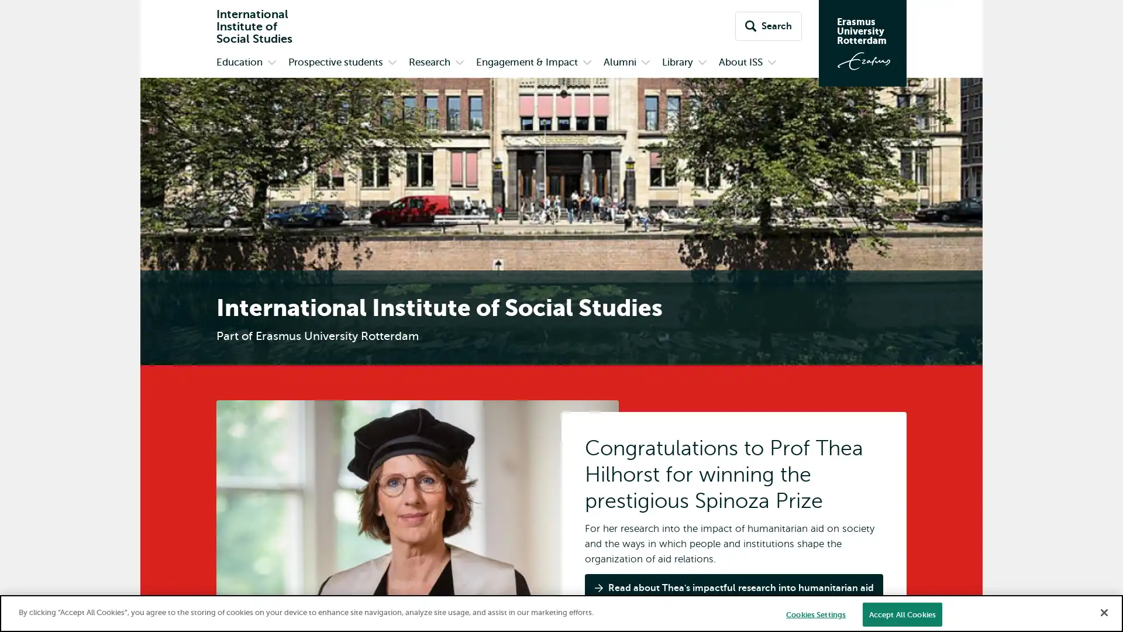 The height and width of the screenshot is (632, 1123). I want to click on Open submenu, so click(271, 63).